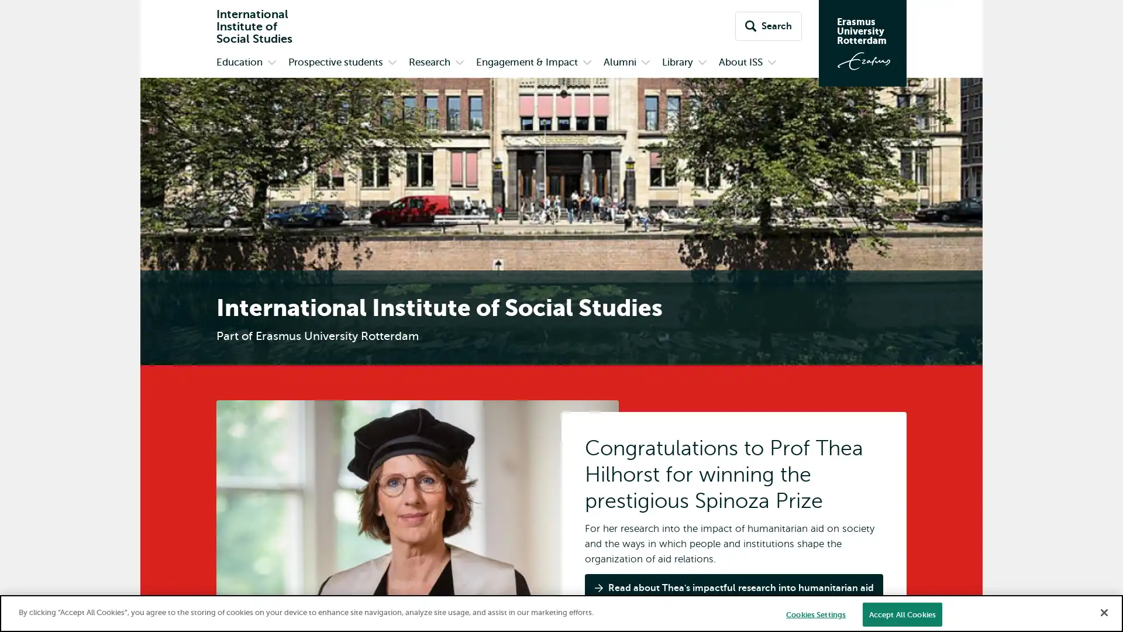 The height and width of the screenshot is (632, 1123). I want to click on Open submenu, so click(271, 63).